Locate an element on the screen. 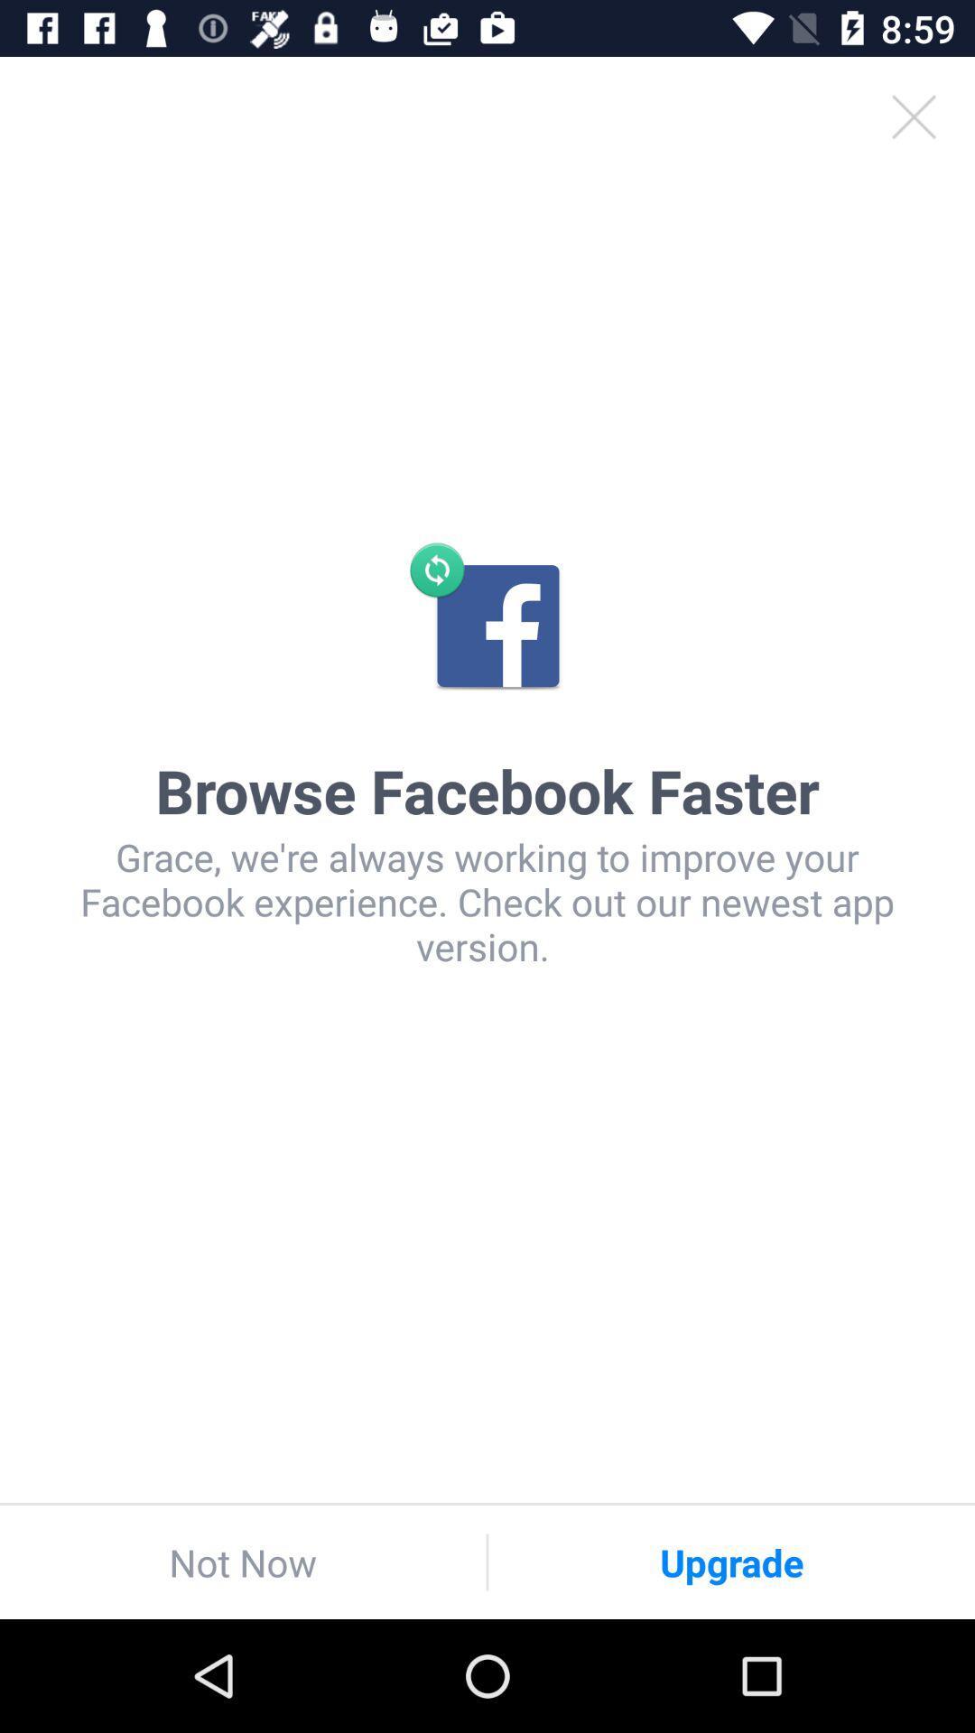  the close icon is located at coordinates (914, 116).